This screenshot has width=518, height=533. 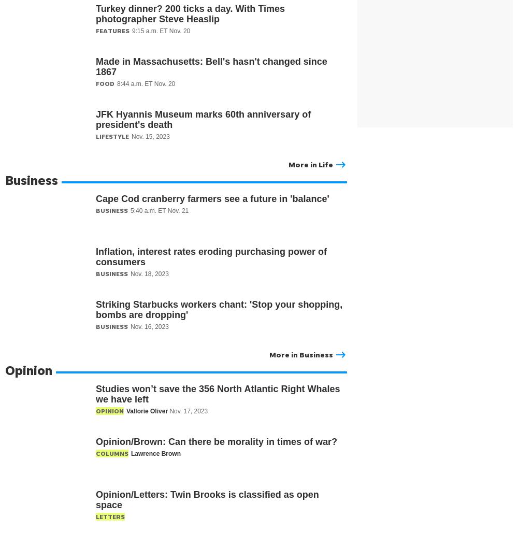 I want to click on 'Striking Starbucks workers chant: 'Stop your shopping, bombs are dropping'', so click(x=96, y=309).